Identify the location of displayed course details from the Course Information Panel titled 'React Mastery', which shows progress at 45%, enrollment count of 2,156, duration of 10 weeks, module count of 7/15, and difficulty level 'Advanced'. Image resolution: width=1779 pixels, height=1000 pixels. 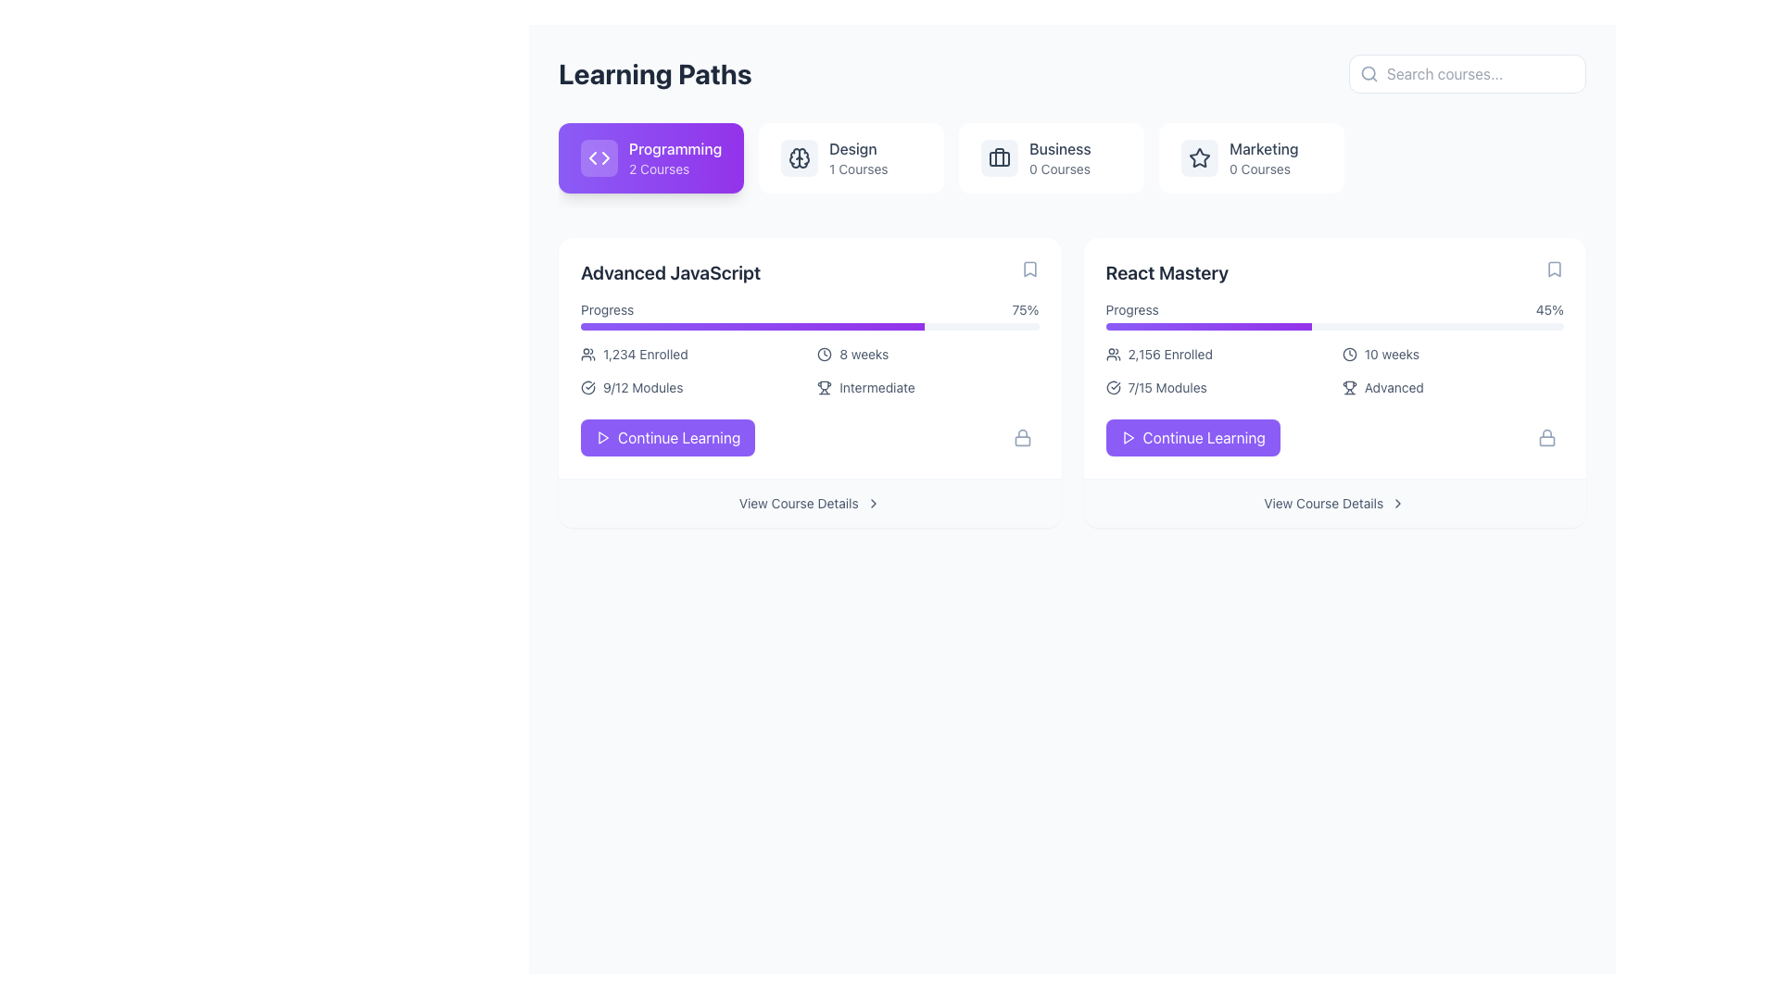
(1334, 357).